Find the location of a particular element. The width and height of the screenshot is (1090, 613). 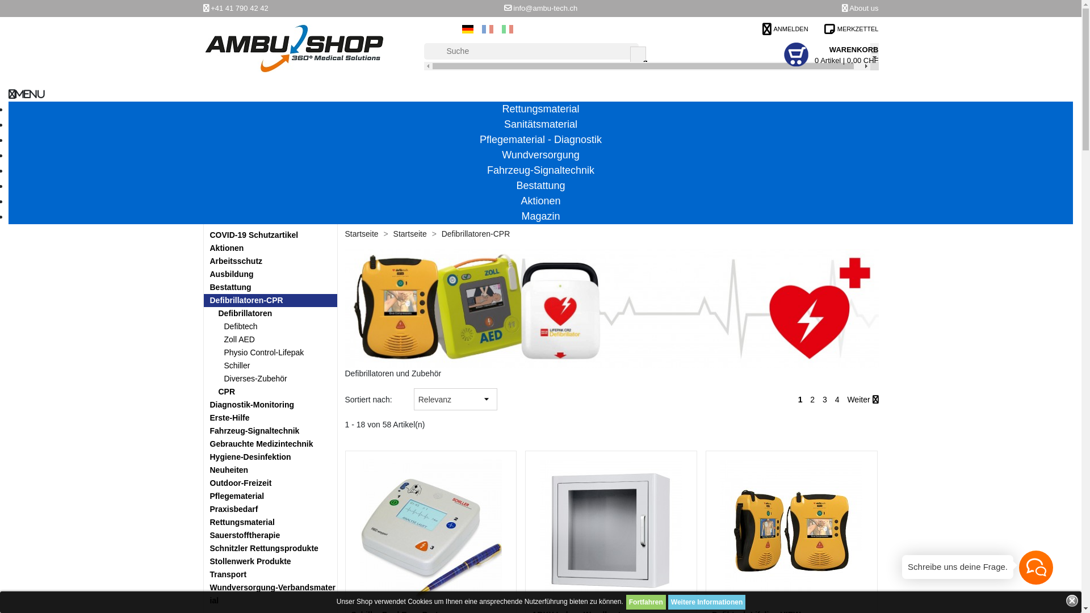

'Weitere Informationen' is located at coordinates (706, 601).